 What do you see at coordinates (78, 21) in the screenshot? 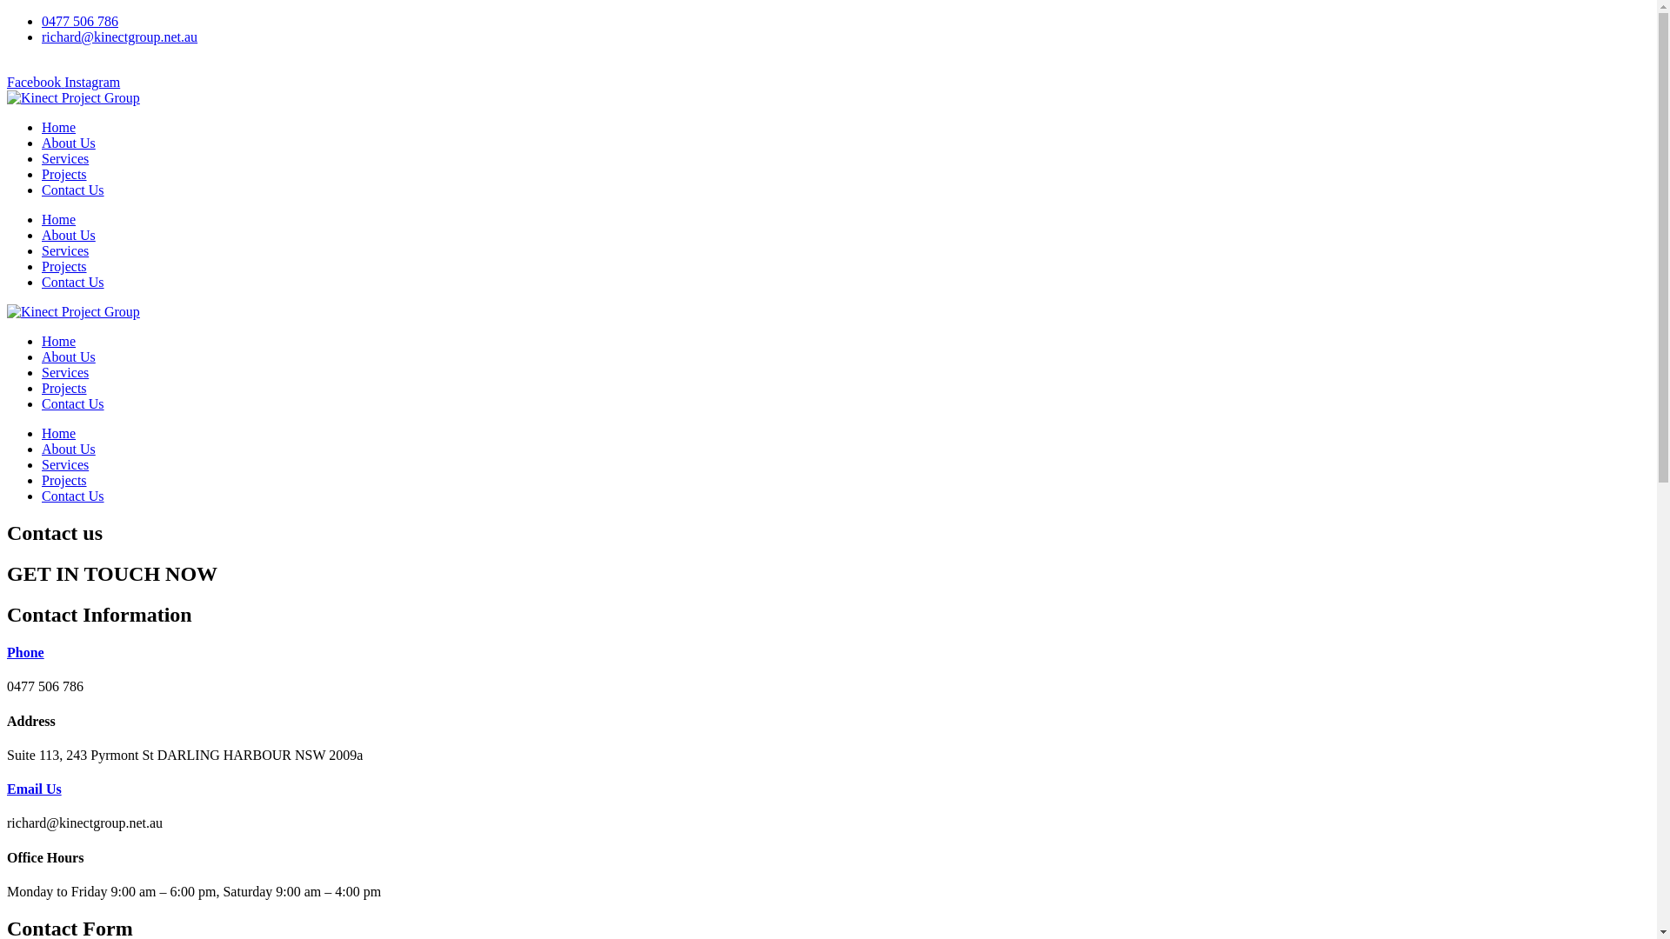
I see `'0477 506 786'` at bounding box center [78, 21].